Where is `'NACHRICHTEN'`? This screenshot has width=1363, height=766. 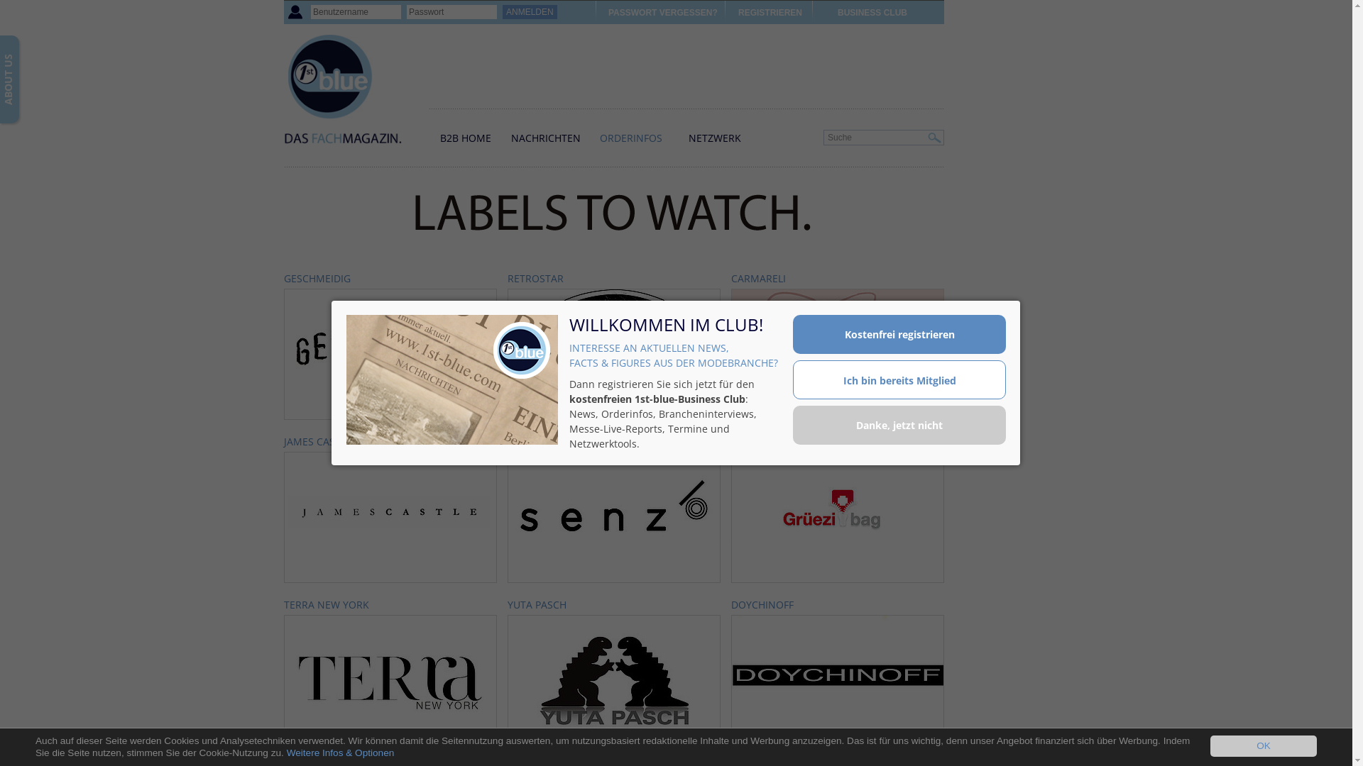 'NACHRICHTEN' is located at coordinates (544, 138).